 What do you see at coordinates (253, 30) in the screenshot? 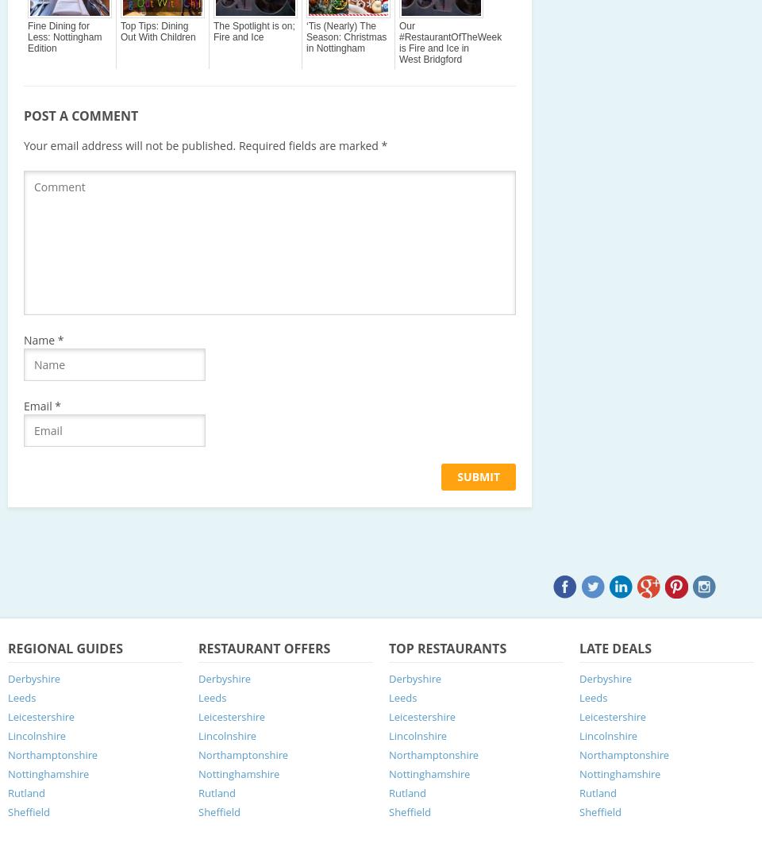
I see `'The Spotlight is on; Fire and Ice'` at bounding box center [253, 30].